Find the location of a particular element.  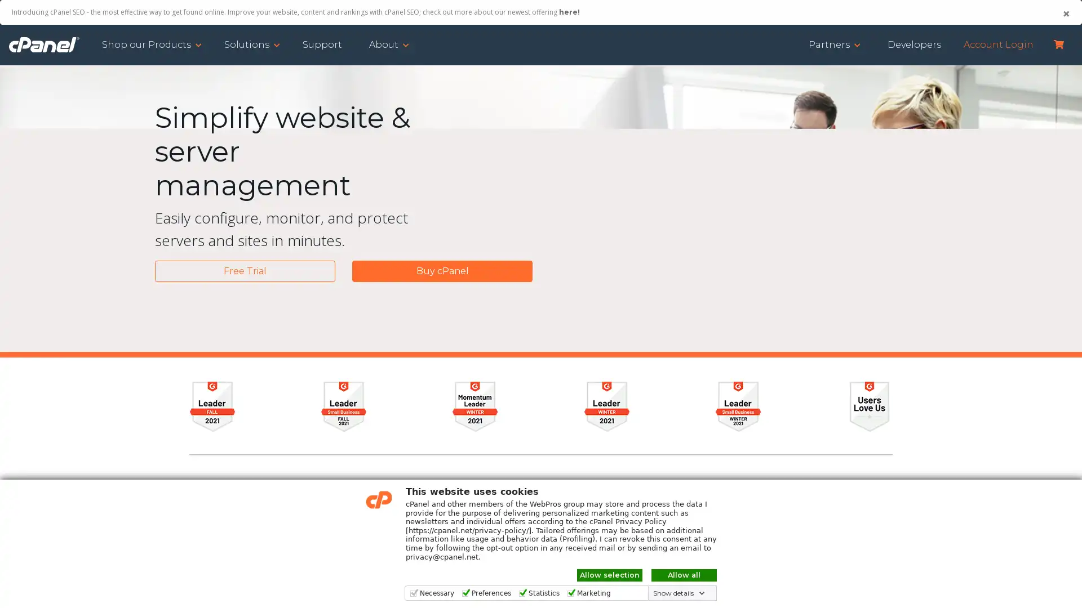

Close is located at coordinates (1065, 14).